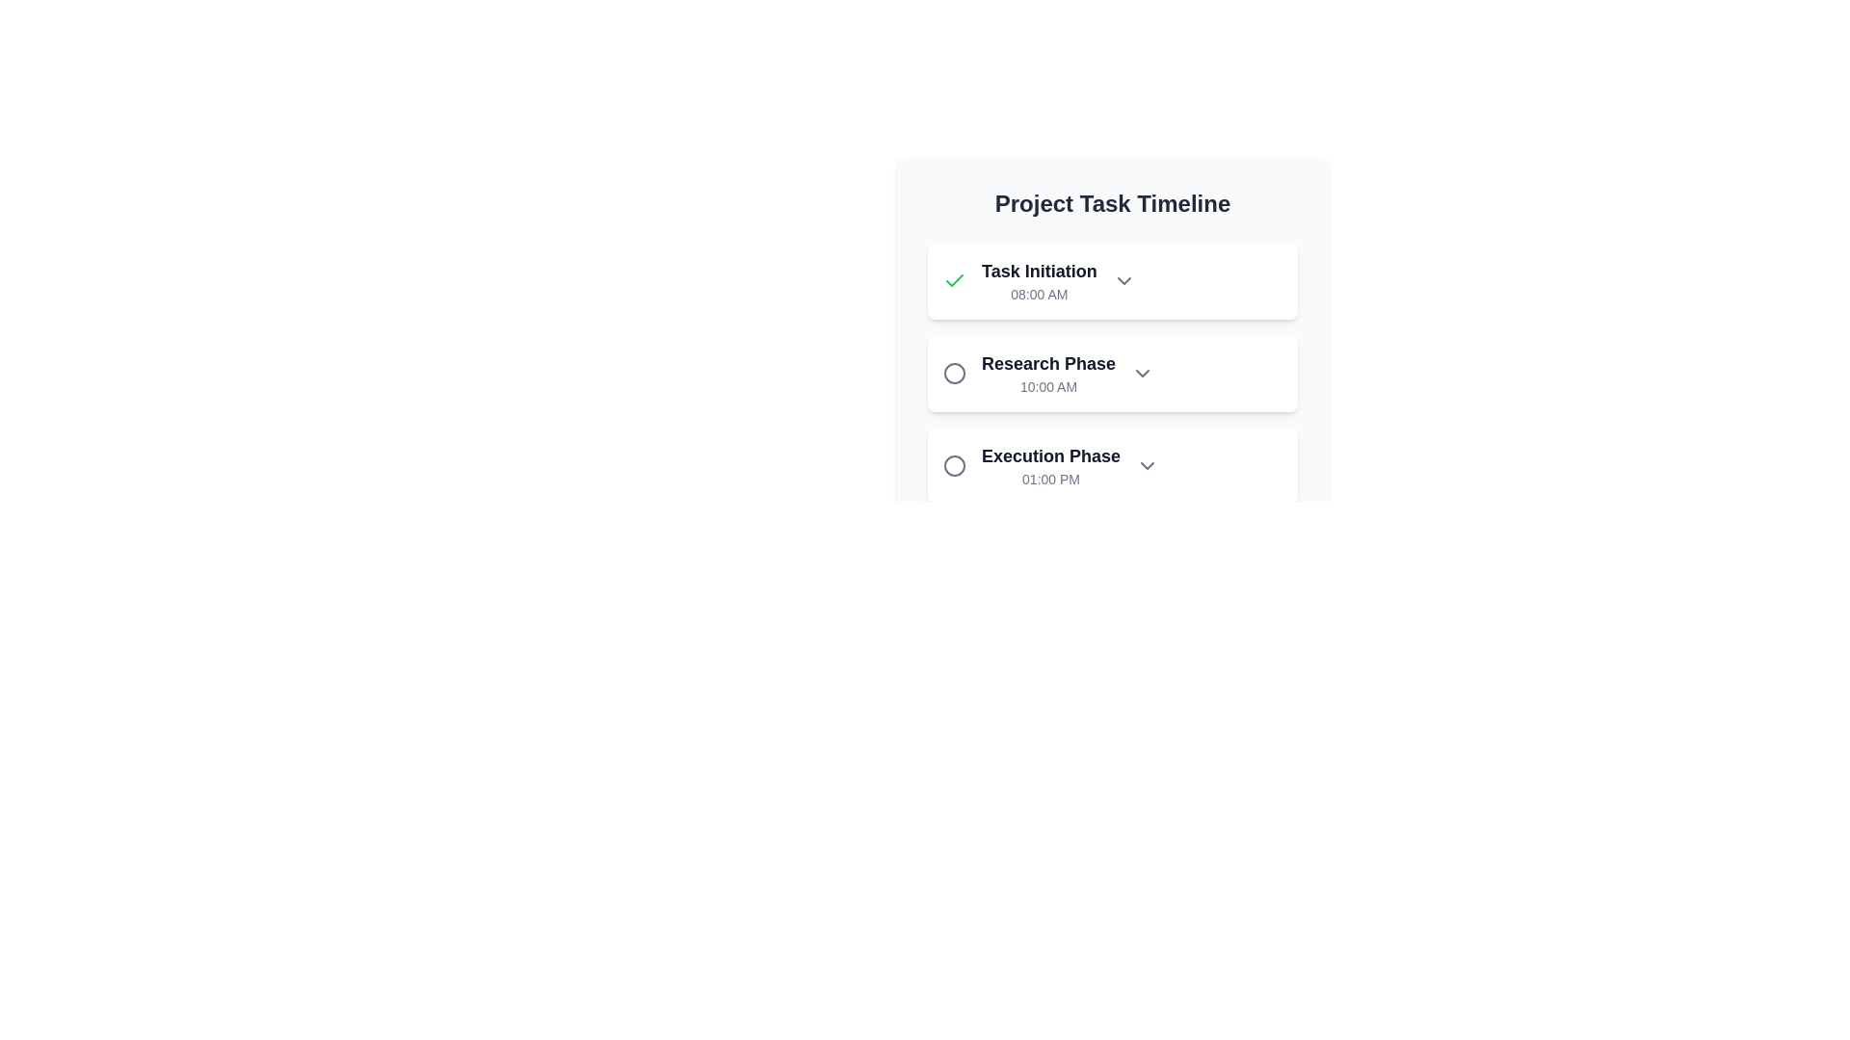 This screenshot has width=1850, height=1040. I want to click on the second card in the vertical sequence under the header 'Project Task Timeline', so click(1113, 374).